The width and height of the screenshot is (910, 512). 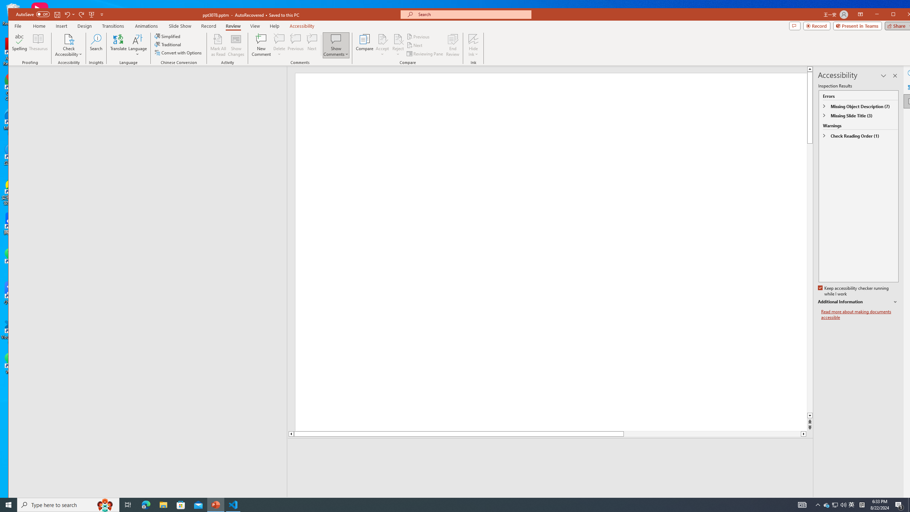 I want to click on 'Zoom 172%', so click(x=906, y=501).